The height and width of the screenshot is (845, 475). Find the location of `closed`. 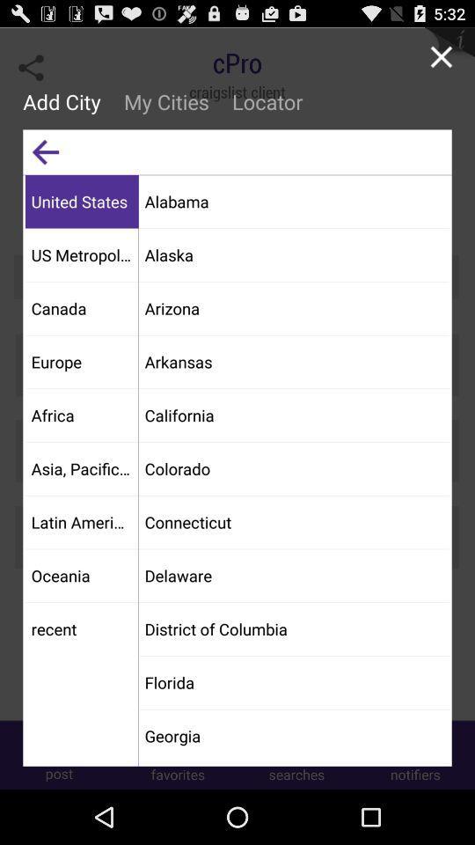

closed is located at coordinates (440, 56).